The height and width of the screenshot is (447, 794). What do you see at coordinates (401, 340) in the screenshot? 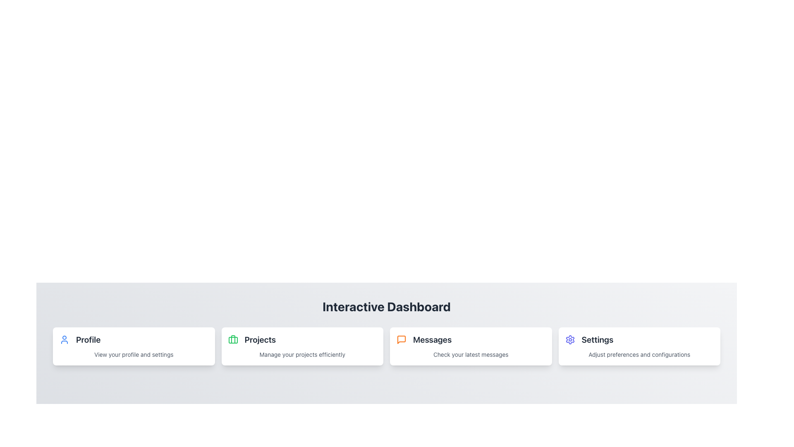
I see `the orange speech bubble icon next to the 'Messages' text label in the 'Messages' card` at bounding box center [401, 340].